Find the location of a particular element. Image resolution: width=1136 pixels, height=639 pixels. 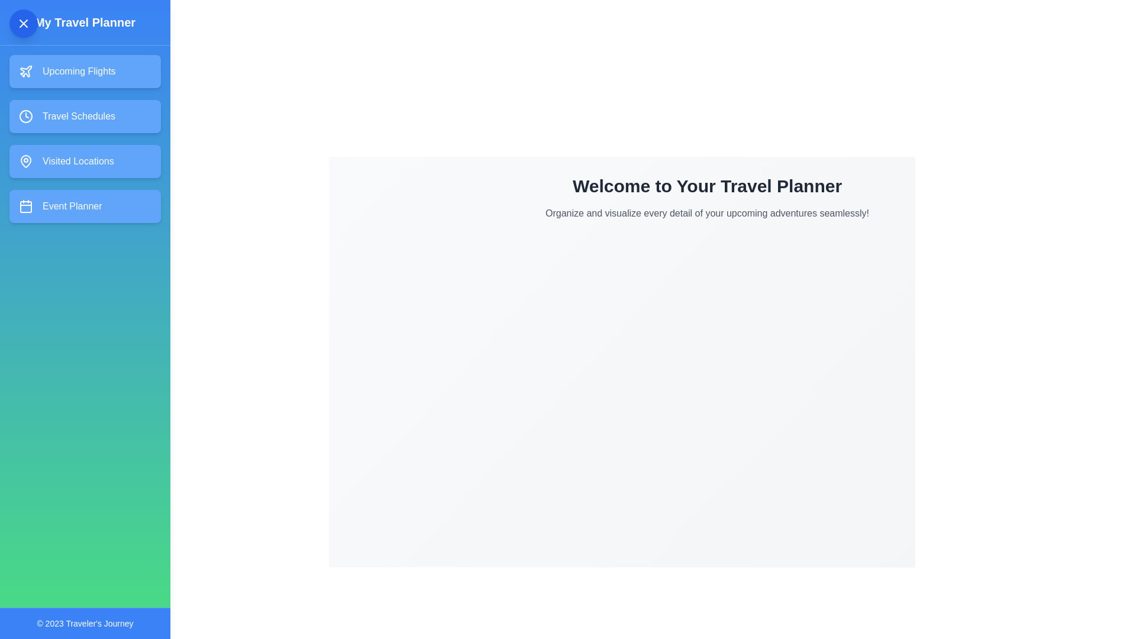

the small plane-shaped icon in the sidebar menu, which is located above the 'Upcoming Flights' label is located at coordinates (25, 71).